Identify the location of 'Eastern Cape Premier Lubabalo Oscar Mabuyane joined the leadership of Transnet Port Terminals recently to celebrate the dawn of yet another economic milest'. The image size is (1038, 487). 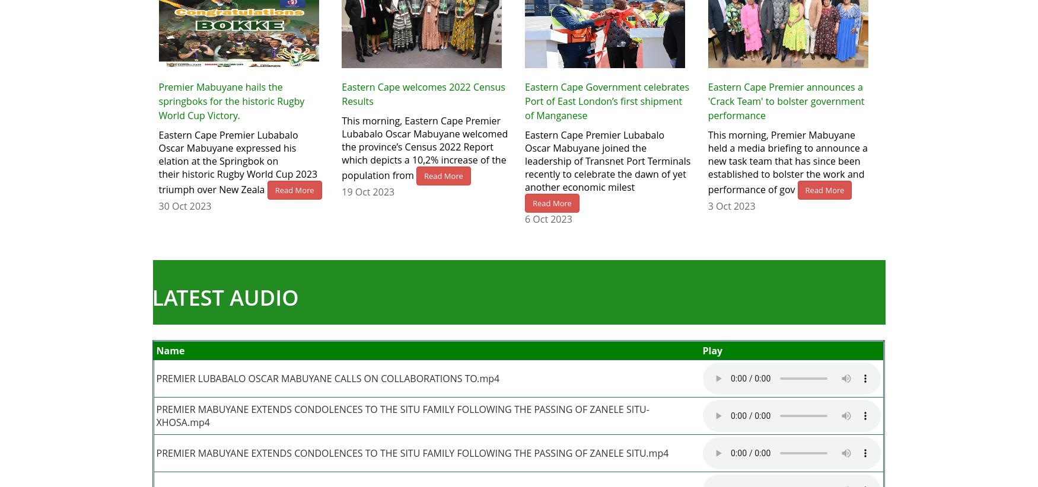
(607, 160).